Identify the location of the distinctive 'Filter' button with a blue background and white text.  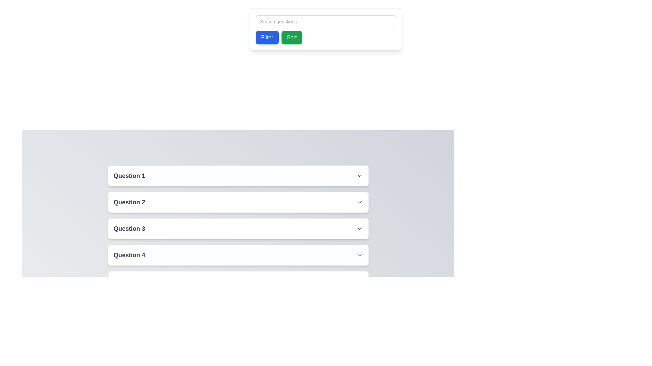
(267, 38).